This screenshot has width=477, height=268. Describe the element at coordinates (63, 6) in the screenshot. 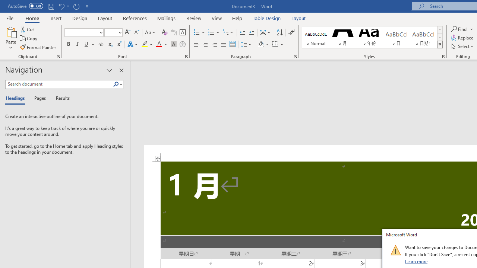

I see `'Undo Apply Quick Style'` at that location.